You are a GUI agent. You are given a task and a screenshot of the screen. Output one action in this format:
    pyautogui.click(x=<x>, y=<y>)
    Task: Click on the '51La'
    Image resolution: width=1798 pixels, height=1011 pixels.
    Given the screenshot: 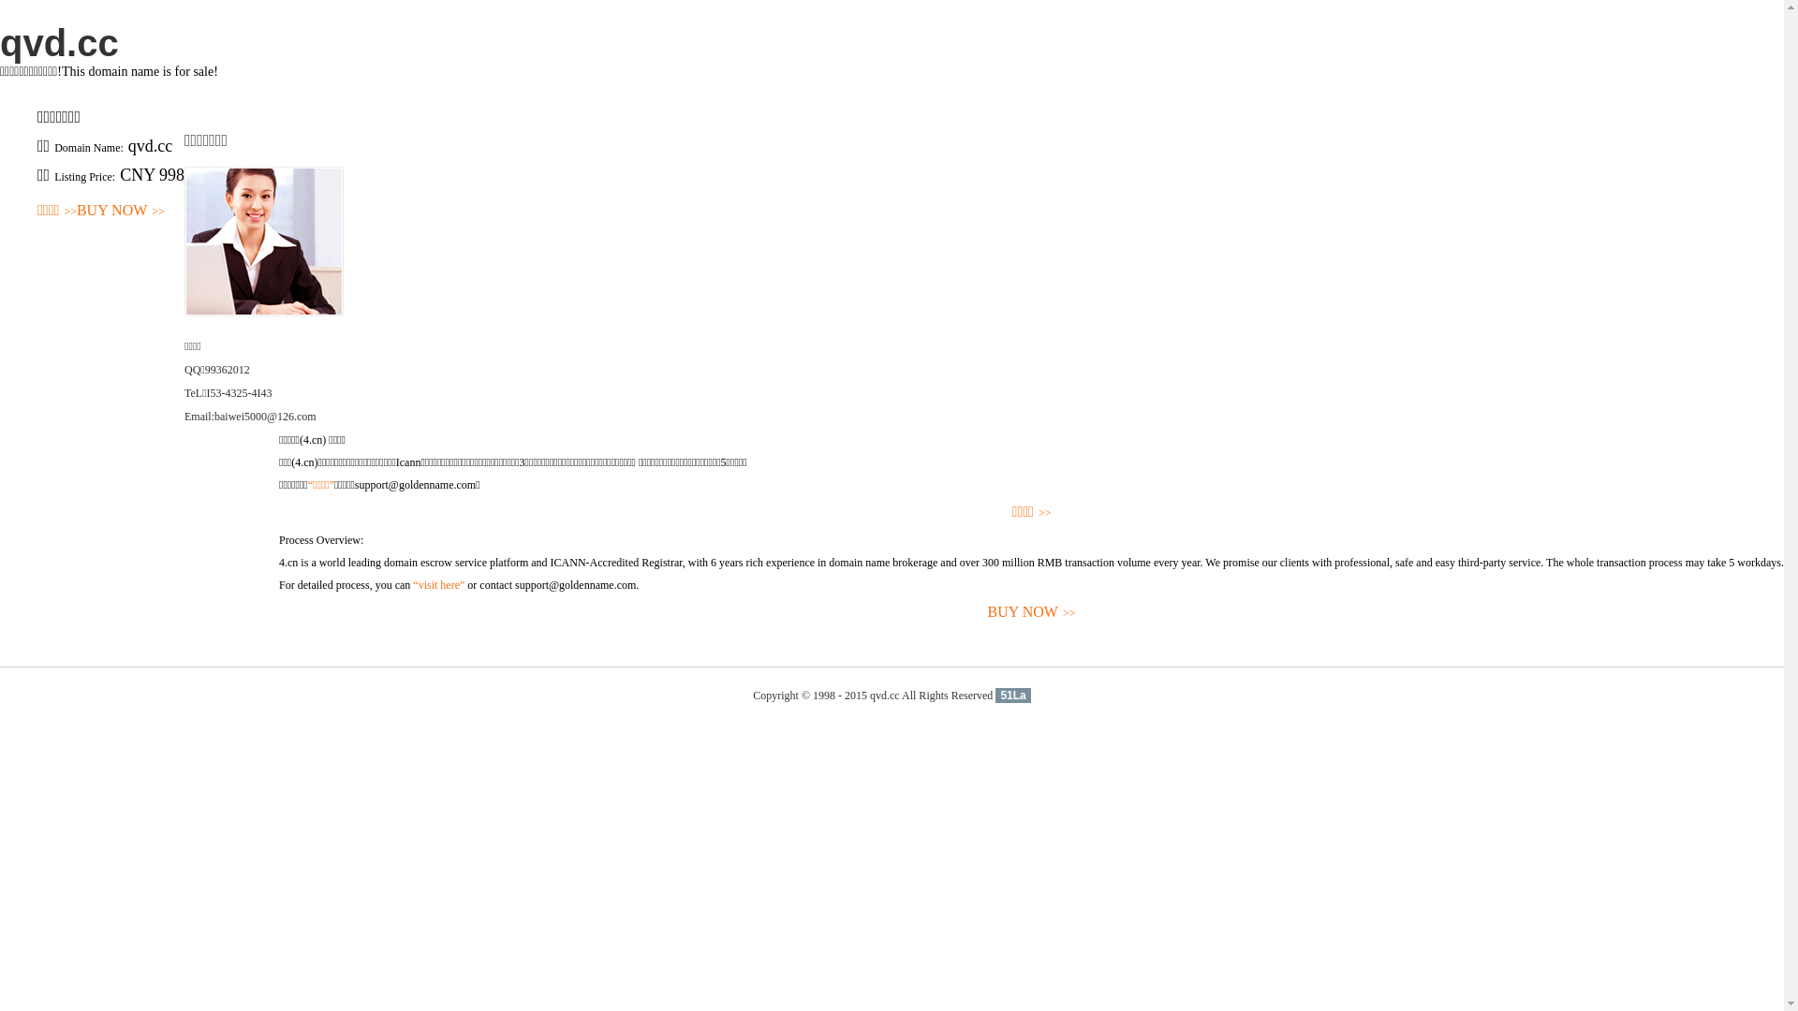 What is the action you would take?
    pyautogui.click(x=1011, y=696)
    